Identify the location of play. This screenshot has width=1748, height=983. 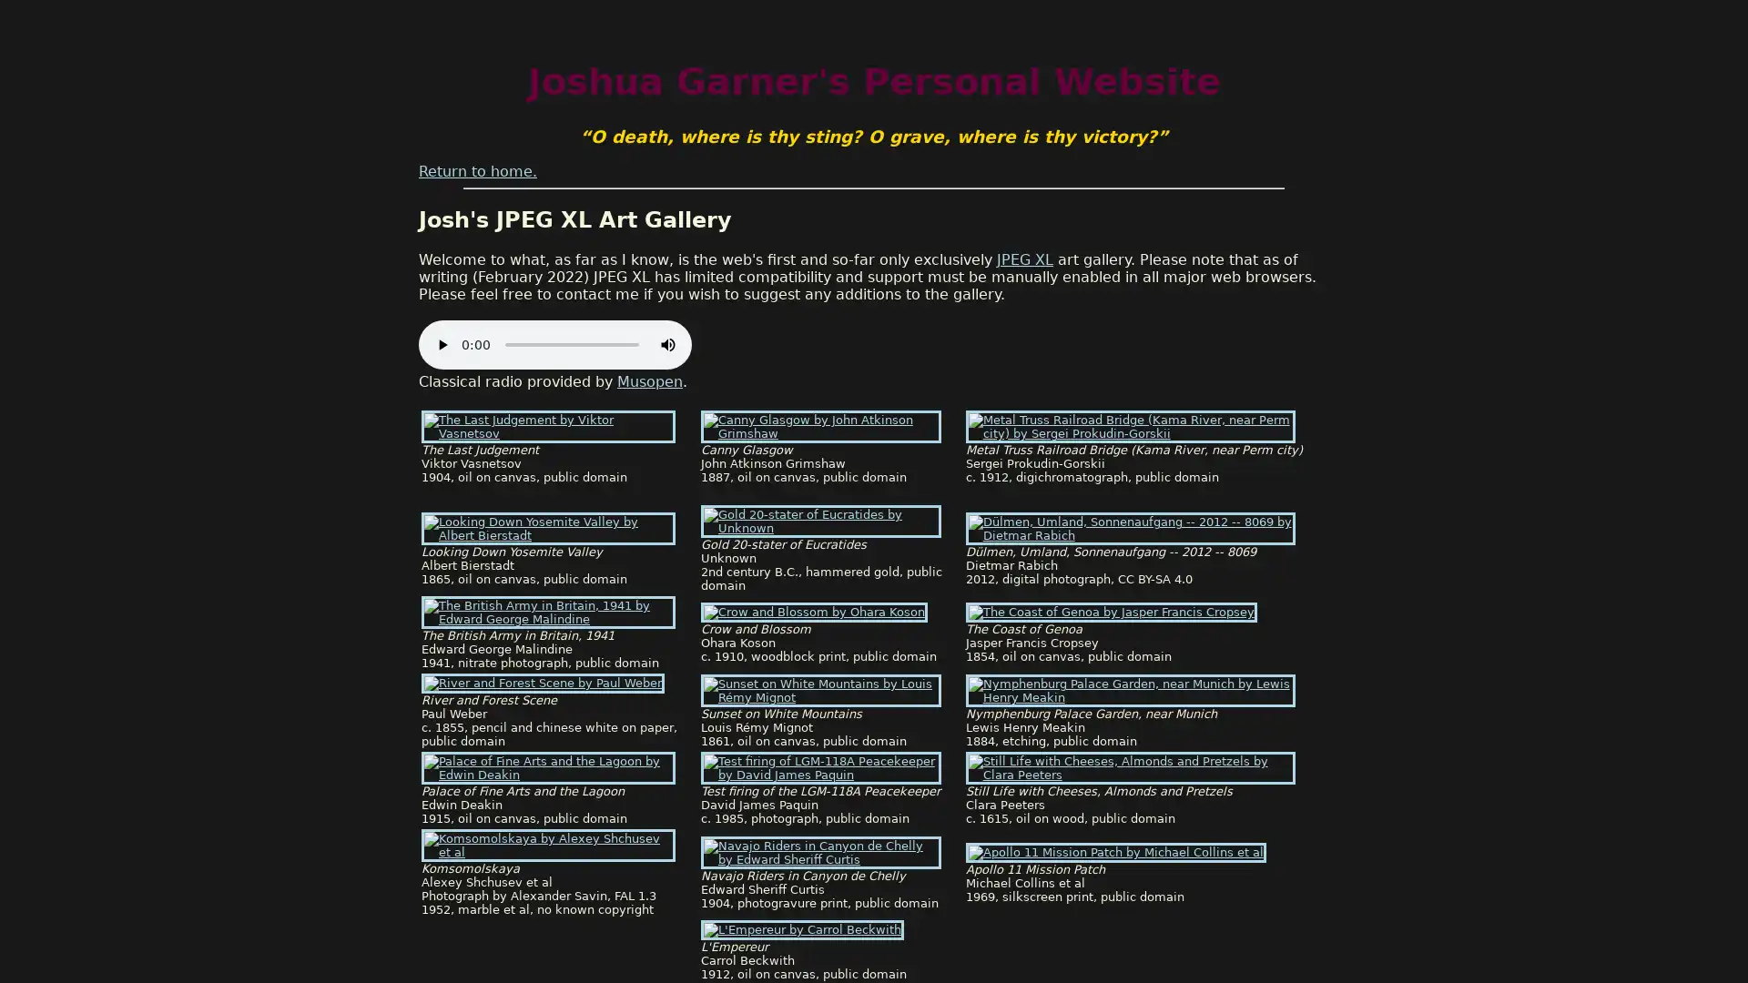
(442, 344).